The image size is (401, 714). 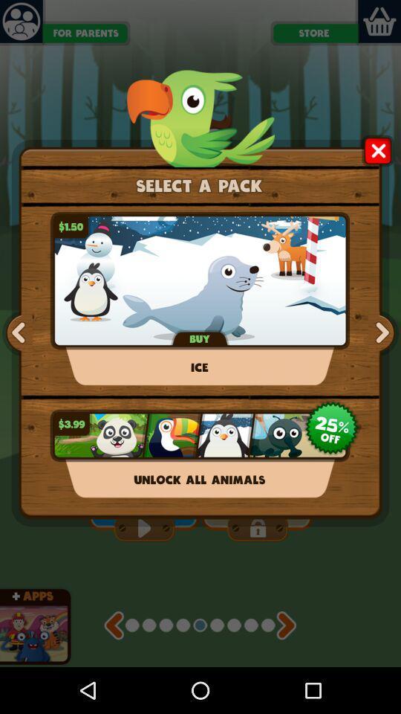 I want to click on the close icon, so click(x=377, y=161).